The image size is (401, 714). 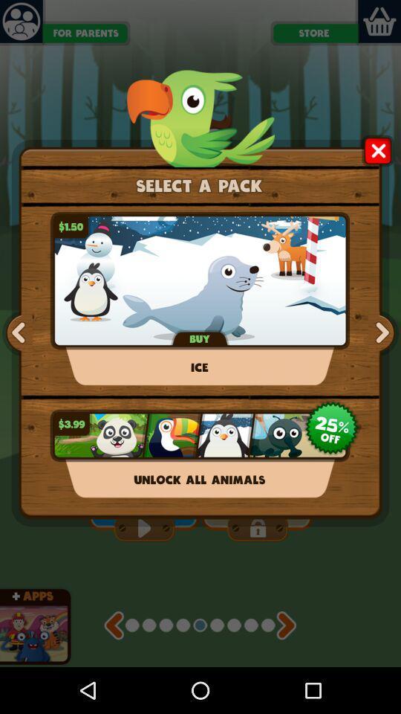 I want to click on the close icon, so click(x=377, y=161).